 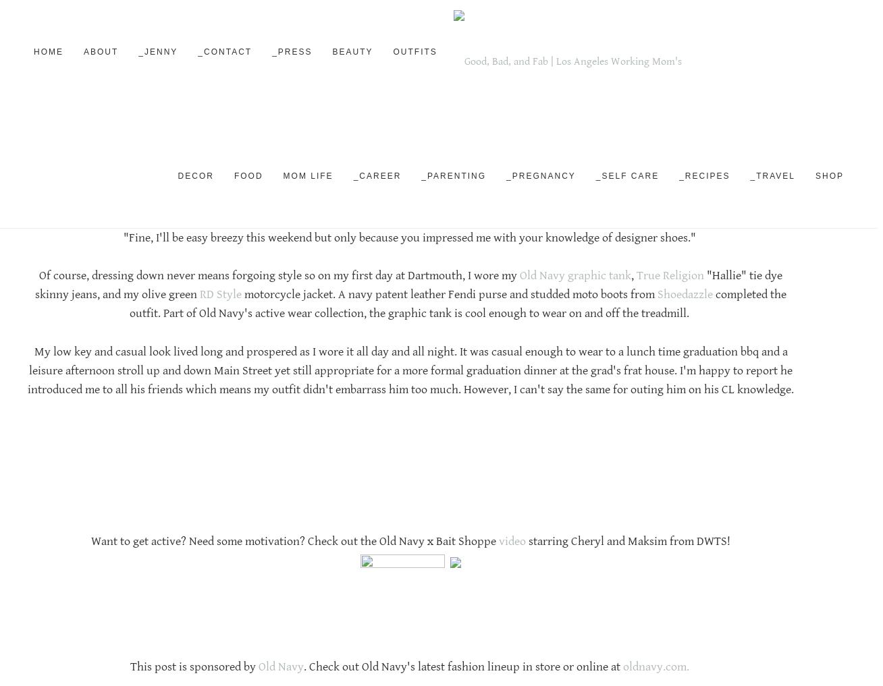 What do you see at coordinates (410, 219) in the screenshot?
I see `'Before I left for New Hampshire, my brother explicitly instructed over the phone to pack "casually." He said, "Jenny, college kids don't stomp around campus in five inch Christian Louboutins or blind classmates with Mr. T chains. Can you try to blend in?" I chuckled with amusement and responded, "Fine, I'll be easy breezy this weekend but only because you impressed me with your knowledge of designer shoes."'` at bounding box center [410, 219].